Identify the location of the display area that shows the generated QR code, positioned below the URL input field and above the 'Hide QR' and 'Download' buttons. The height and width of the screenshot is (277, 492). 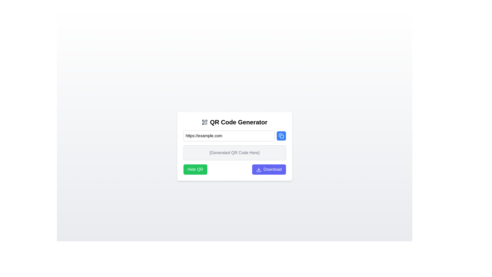
(234, 146).